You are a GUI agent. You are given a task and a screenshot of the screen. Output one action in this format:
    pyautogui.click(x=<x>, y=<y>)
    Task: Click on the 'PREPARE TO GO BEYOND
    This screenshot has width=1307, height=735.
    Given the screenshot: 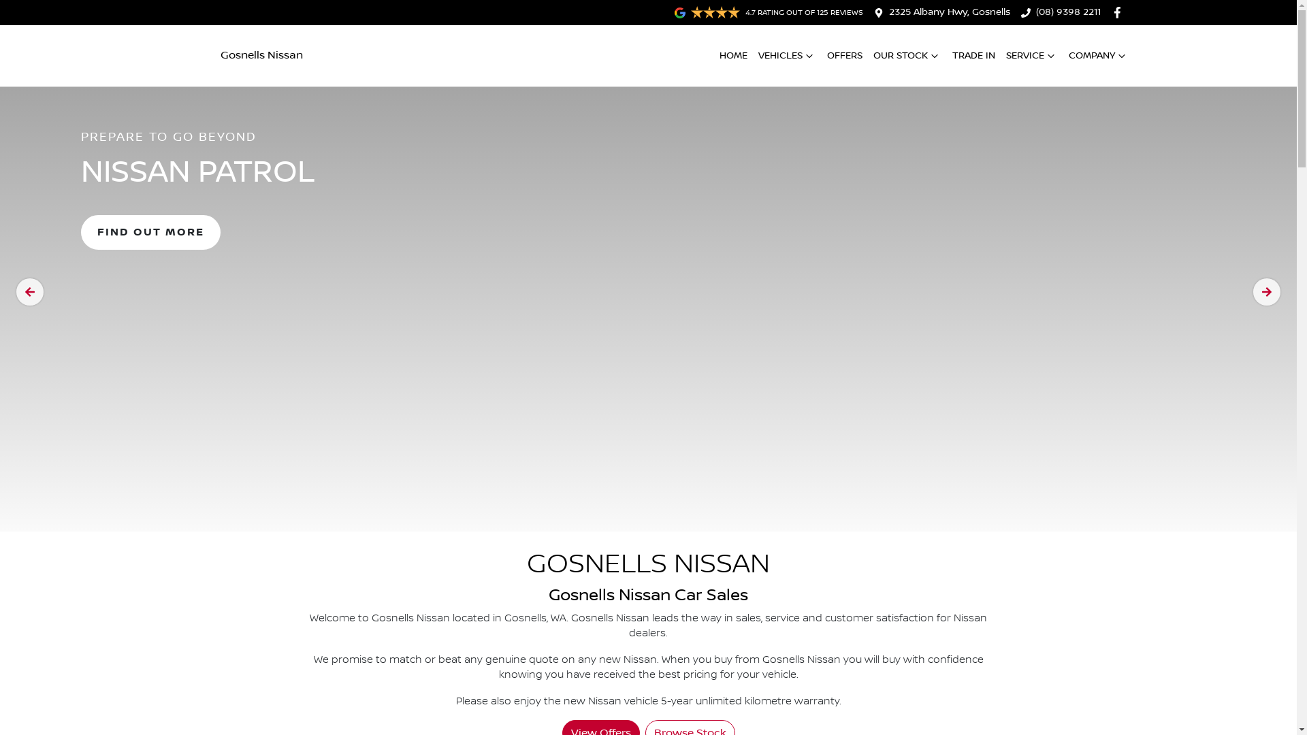 What is the action you would take?
    pyautogui.click(x=647, y=291)
    